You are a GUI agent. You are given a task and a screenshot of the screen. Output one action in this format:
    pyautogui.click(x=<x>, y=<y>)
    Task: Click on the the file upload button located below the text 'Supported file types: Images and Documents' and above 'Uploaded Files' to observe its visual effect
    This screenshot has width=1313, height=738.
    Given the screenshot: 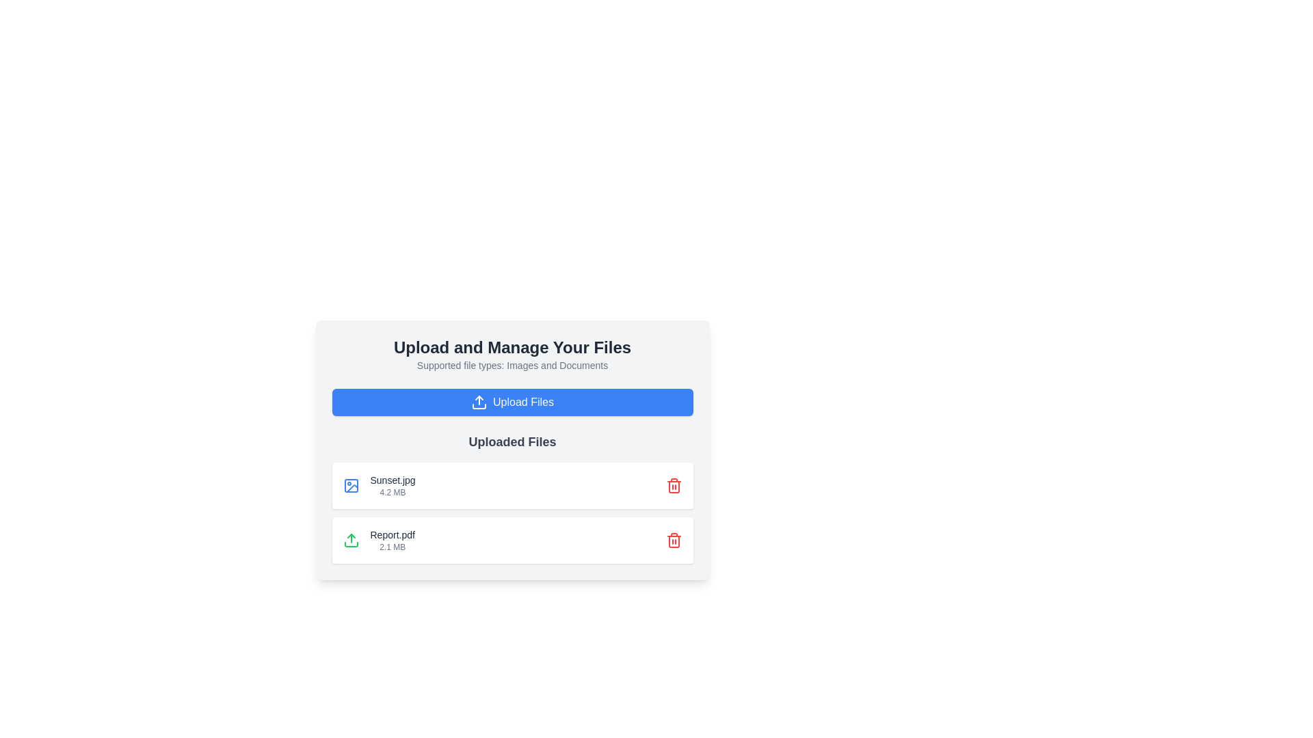 What is the action you would take?
    pyautogui.click(x=512, y=402)
    